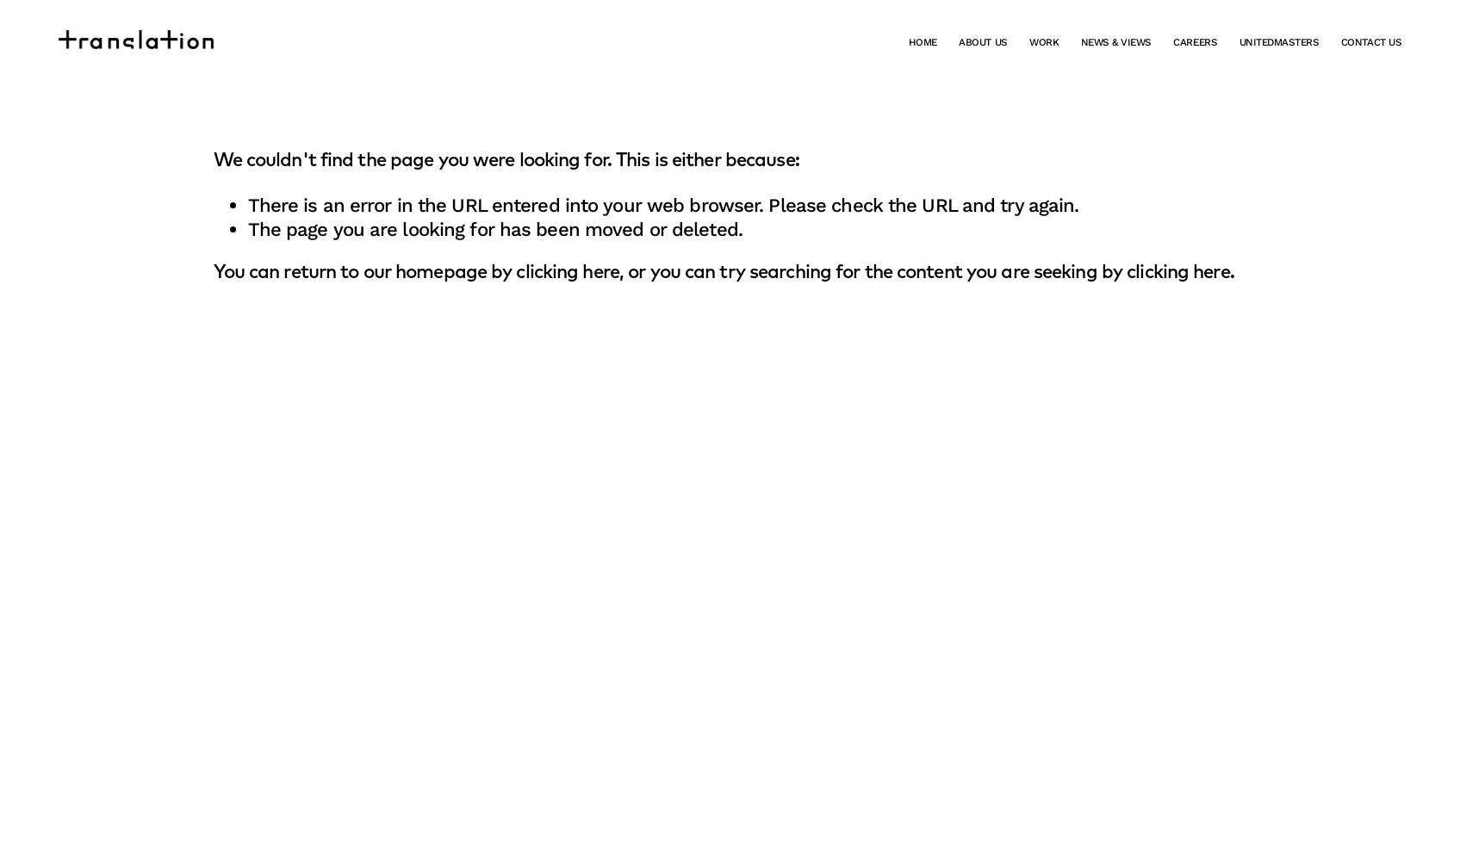  Describe the element at coordinates (1230, 272) in the screenshot. I see `'.'` at that location.